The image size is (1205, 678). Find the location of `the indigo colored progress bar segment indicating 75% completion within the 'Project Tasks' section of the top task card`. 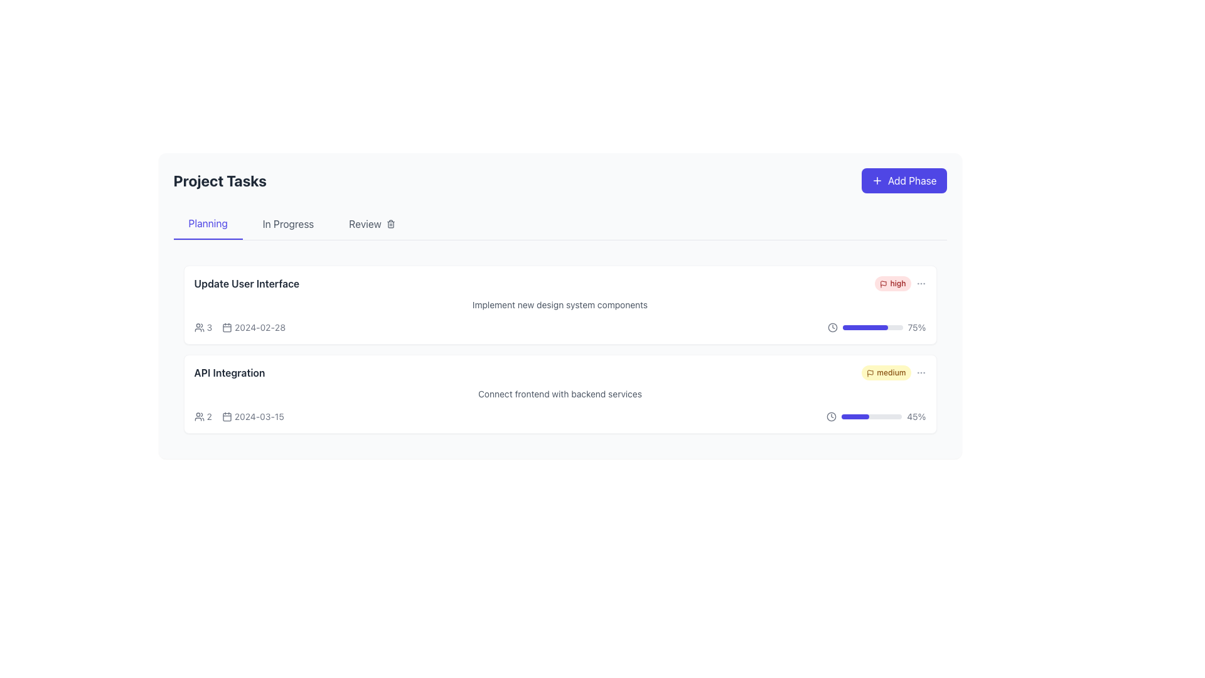

the indigo colored progress bar segment indicating 75% completion within the 'Project Tasks' section of the top task card is located at coordinates (864, 326).